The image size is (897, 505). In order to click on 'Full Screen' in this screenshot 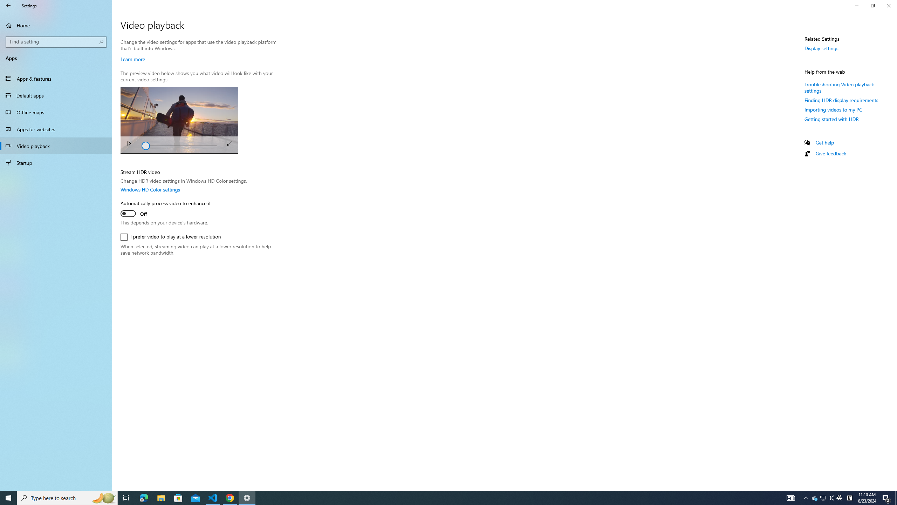, I will do `click(230, 143)`.